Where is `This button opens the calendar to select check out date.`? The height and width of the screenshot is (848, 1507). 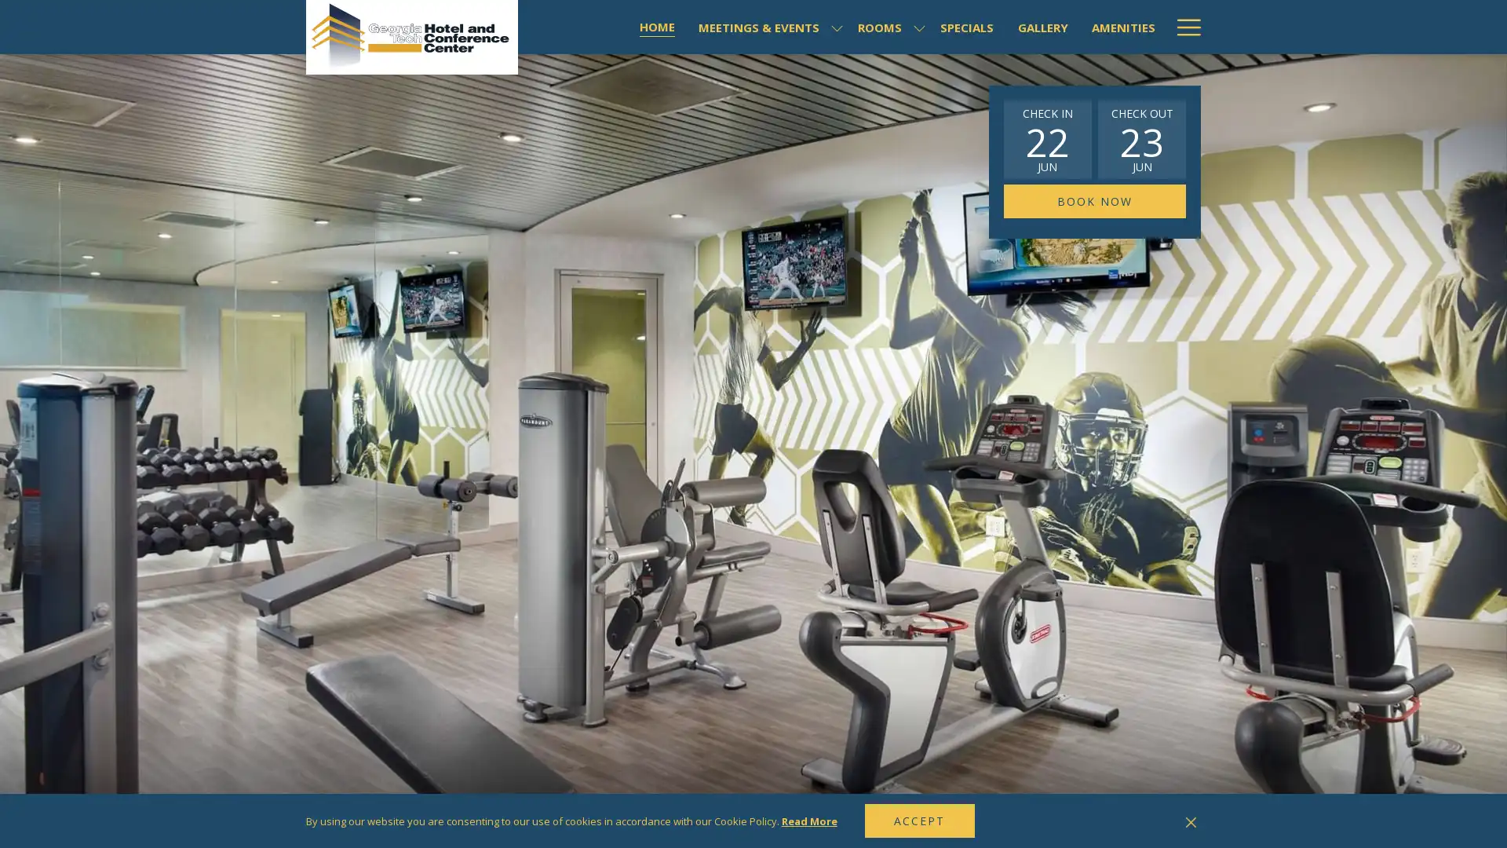
This button opens the calendar to select check out date. is located at coordinates (1141, 138).